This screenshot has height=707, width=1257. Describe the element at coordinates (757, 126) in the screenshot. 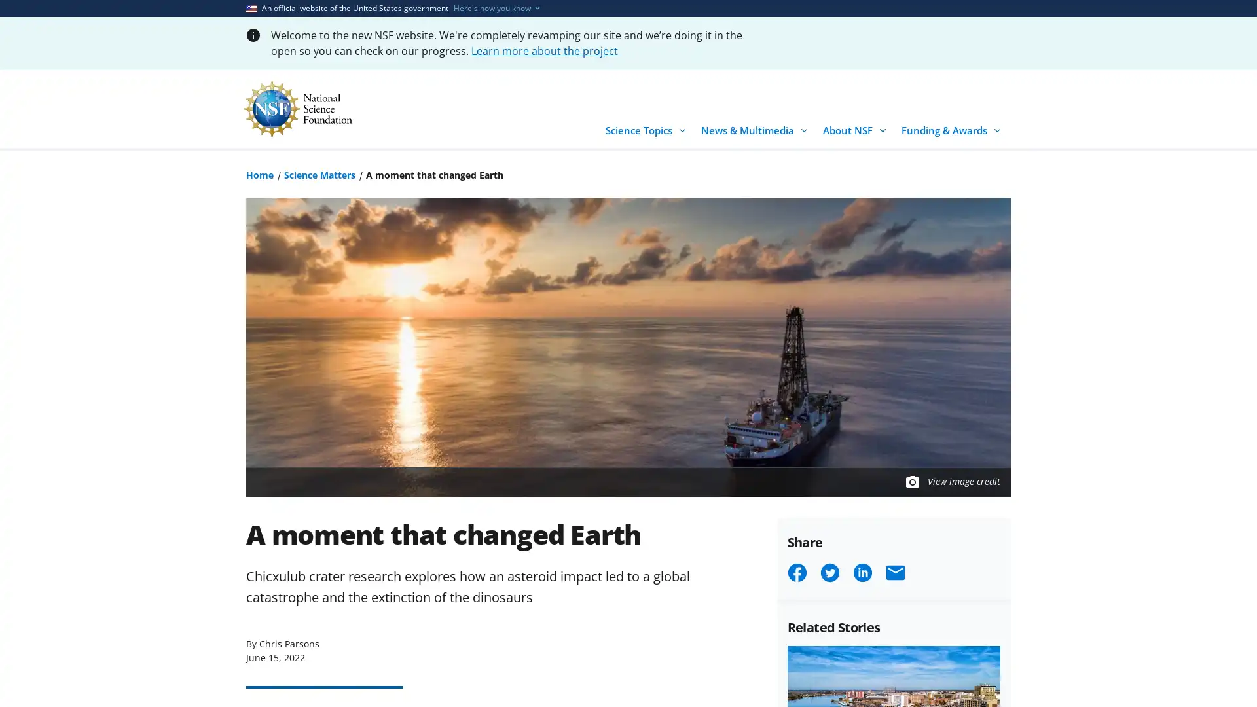

I see `News & Multimedia` at that location.